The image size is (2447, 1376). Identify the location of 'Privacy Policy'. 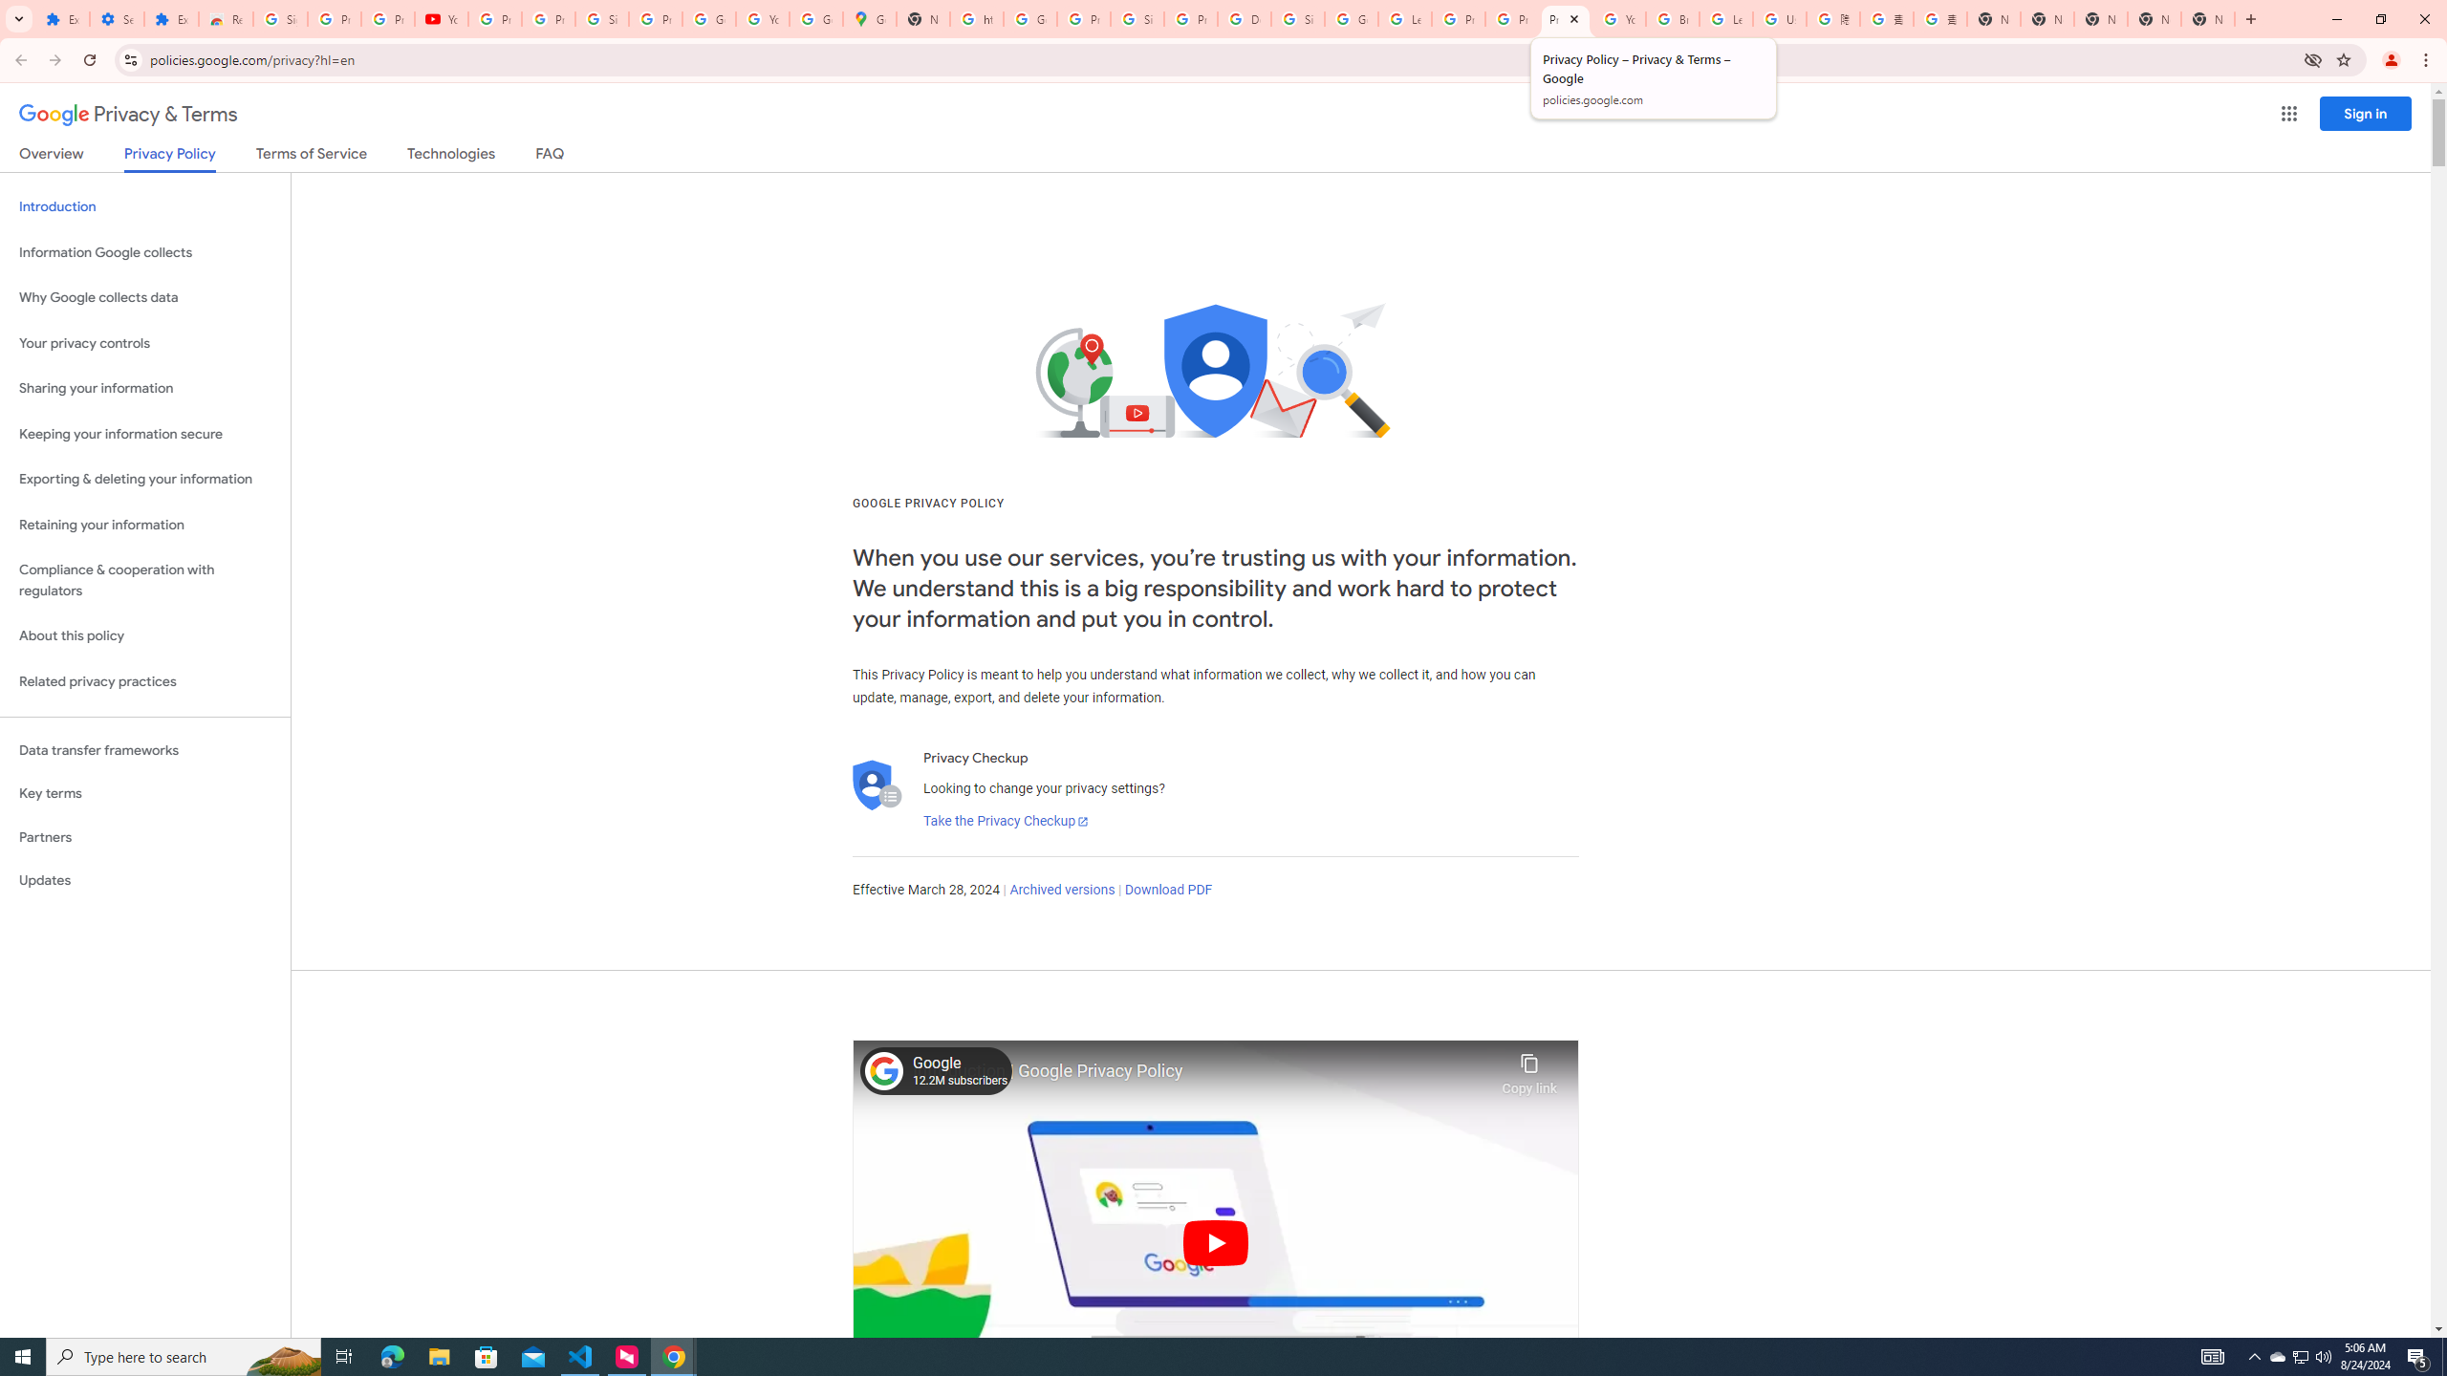
(167, 158).